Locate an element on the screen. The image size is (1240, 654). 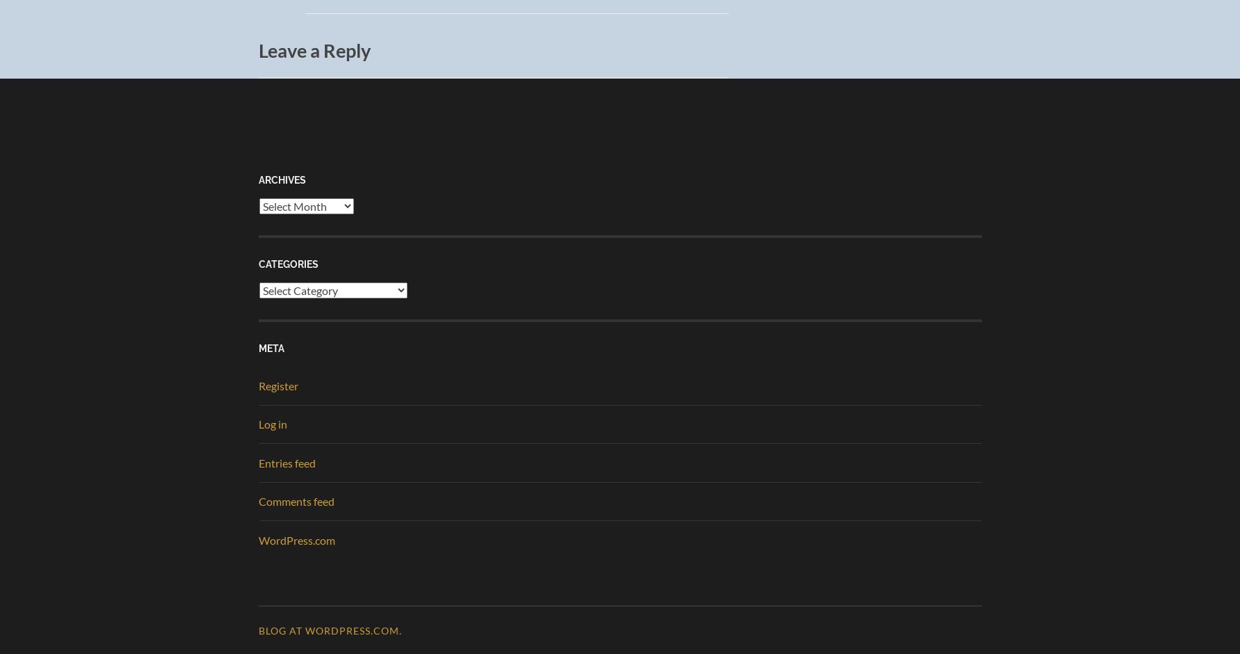
'Register' is located at coordinates (277, 385).